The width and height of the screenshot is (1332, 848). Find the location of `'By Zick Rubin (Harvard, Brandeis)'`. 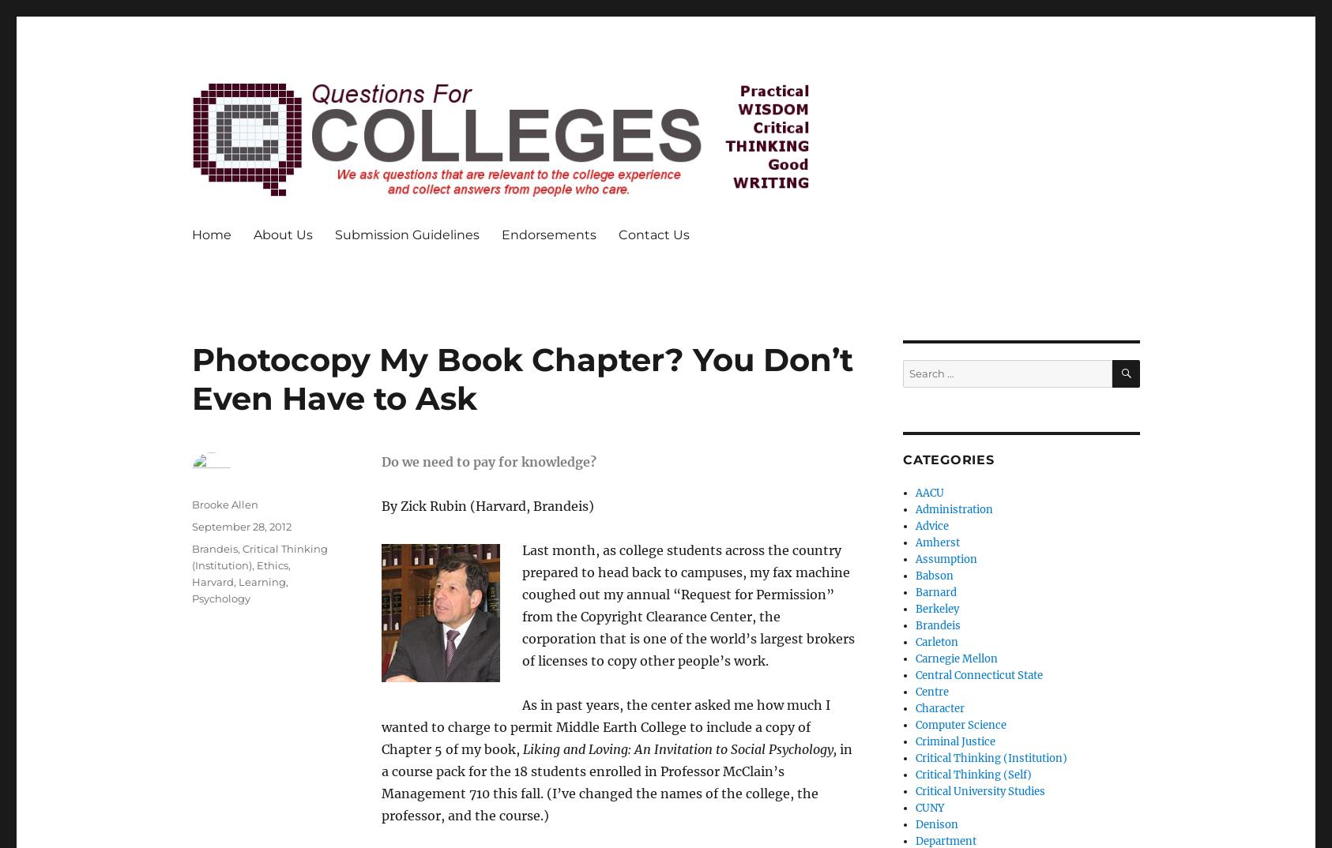

'By Zick Rubin (Harvard, Brandeis)' is located at coordinates (487, 505).